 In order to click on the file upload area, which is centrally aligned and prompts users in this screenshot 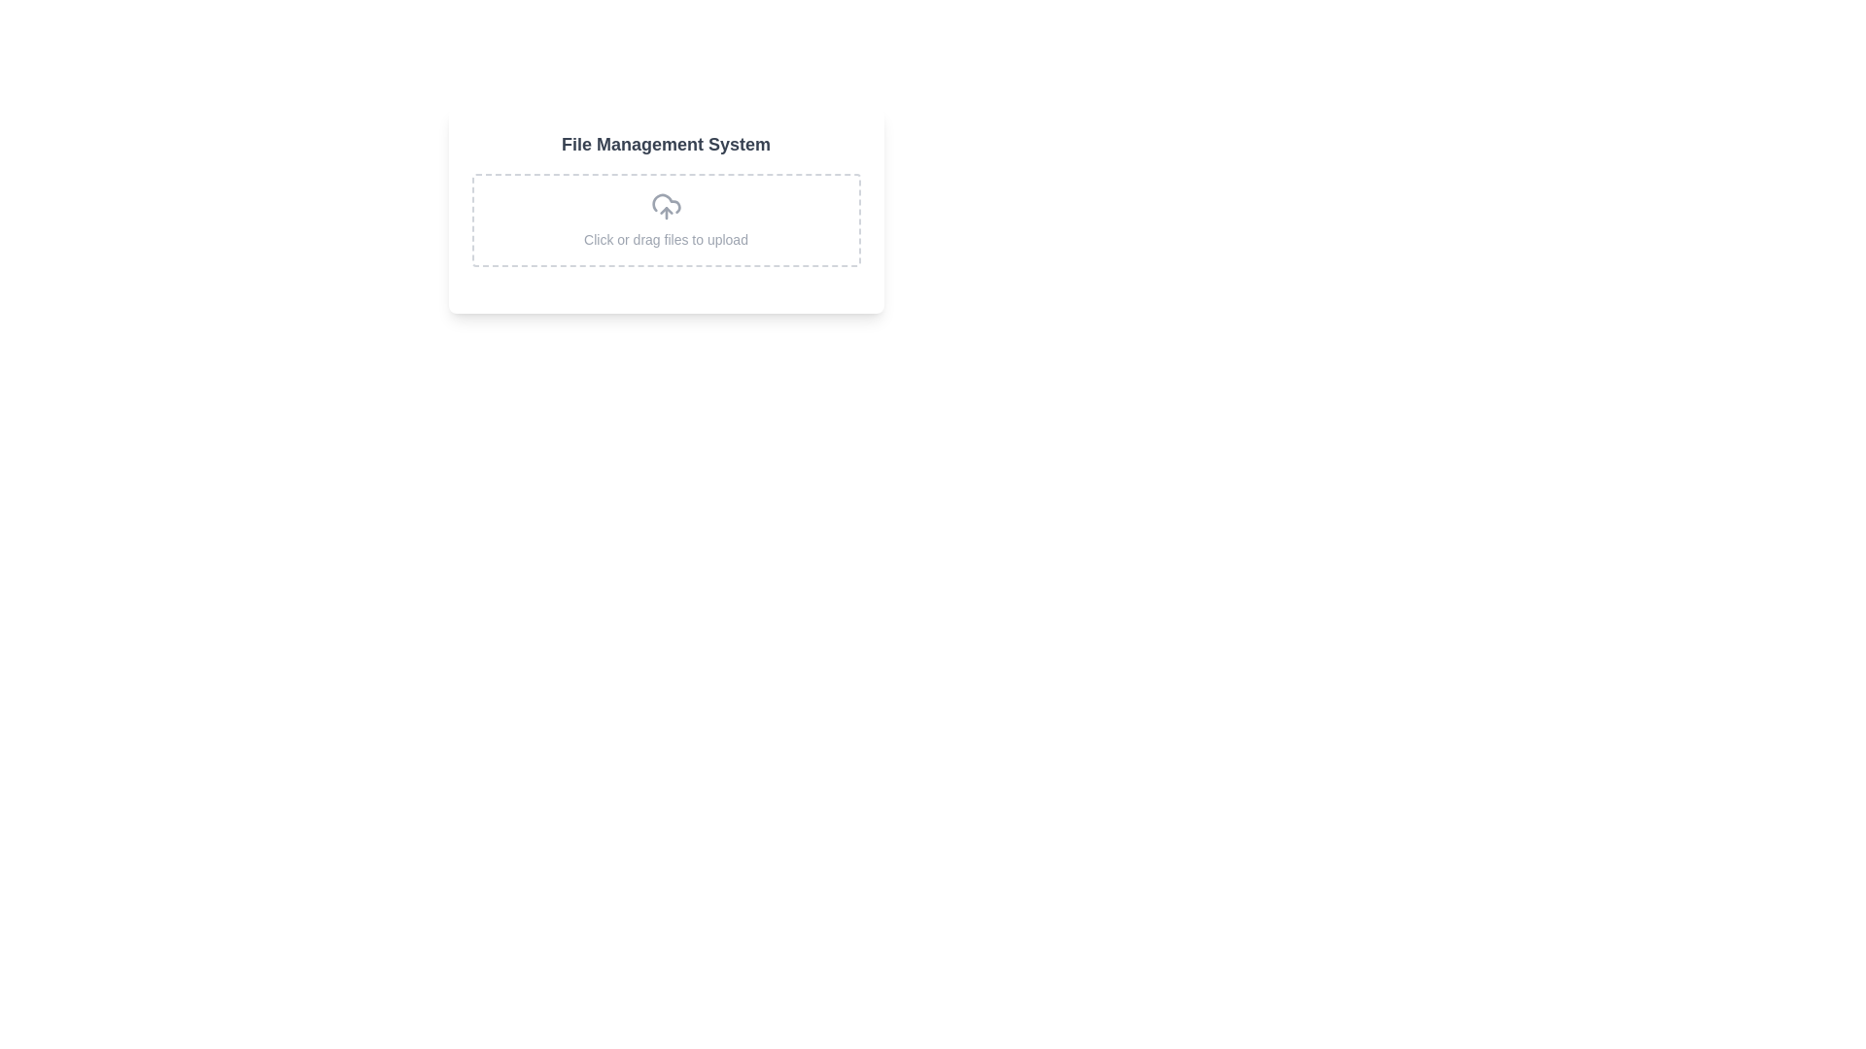, I will do `click(666, 210)`.